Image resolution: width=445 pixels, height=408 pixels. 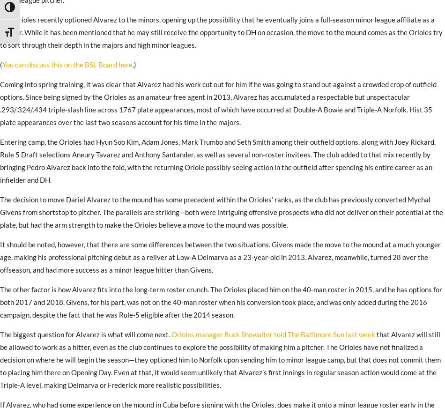 I want to click on 'Orioles manager Buck Showalter told The Baltimore Sun last week', so click(x=273, y=334).